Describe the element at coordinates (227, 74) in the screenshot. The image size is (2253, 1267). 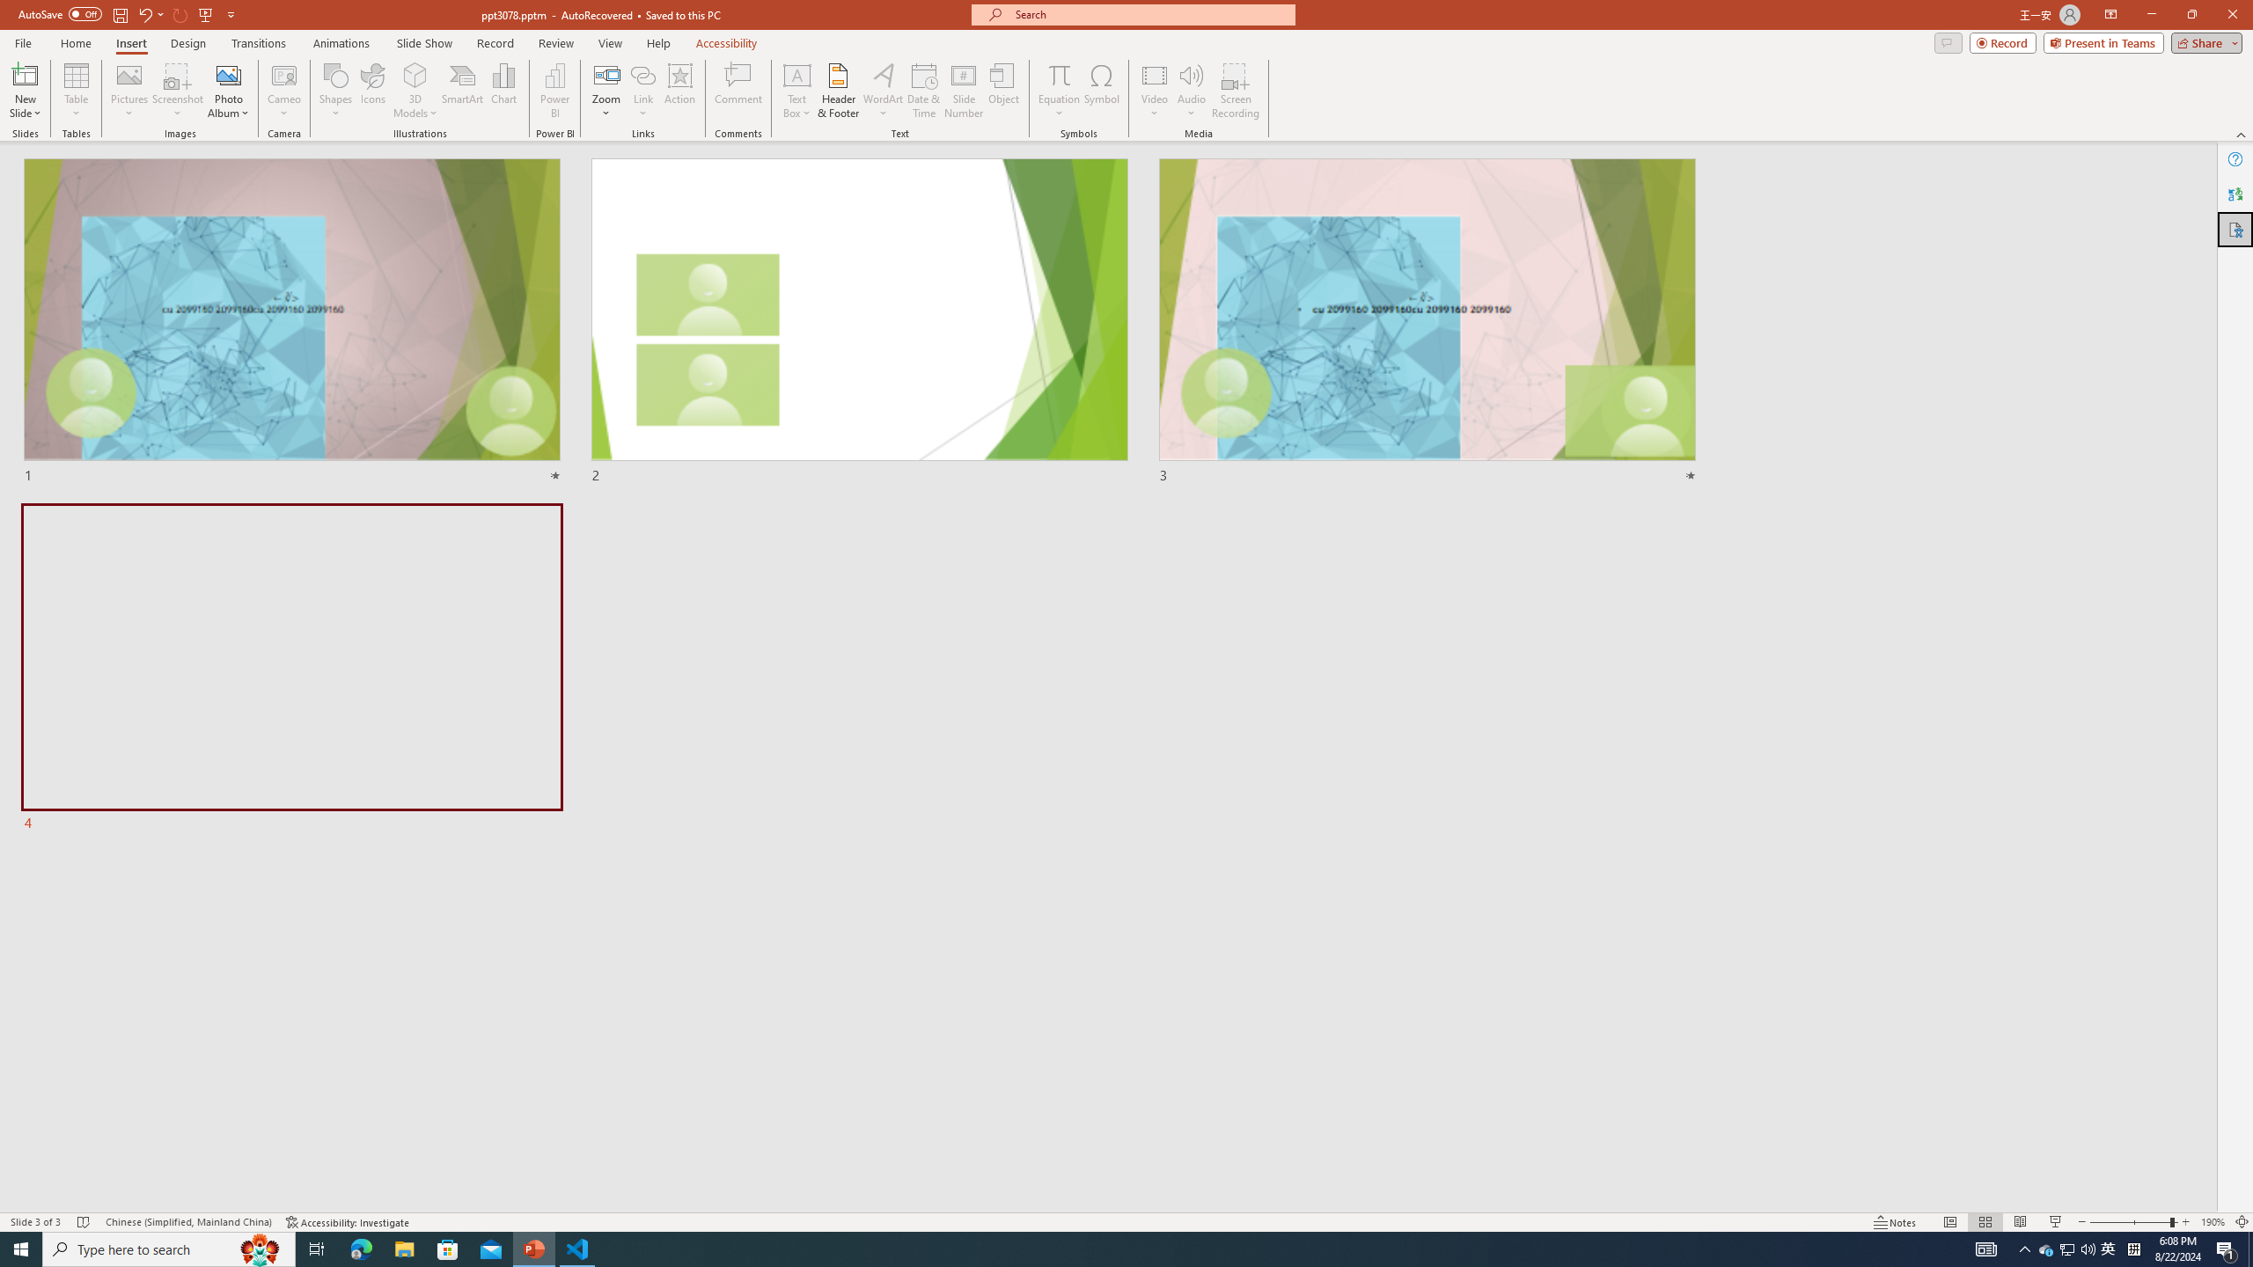
I see `'New Photo Album...'` at that location.